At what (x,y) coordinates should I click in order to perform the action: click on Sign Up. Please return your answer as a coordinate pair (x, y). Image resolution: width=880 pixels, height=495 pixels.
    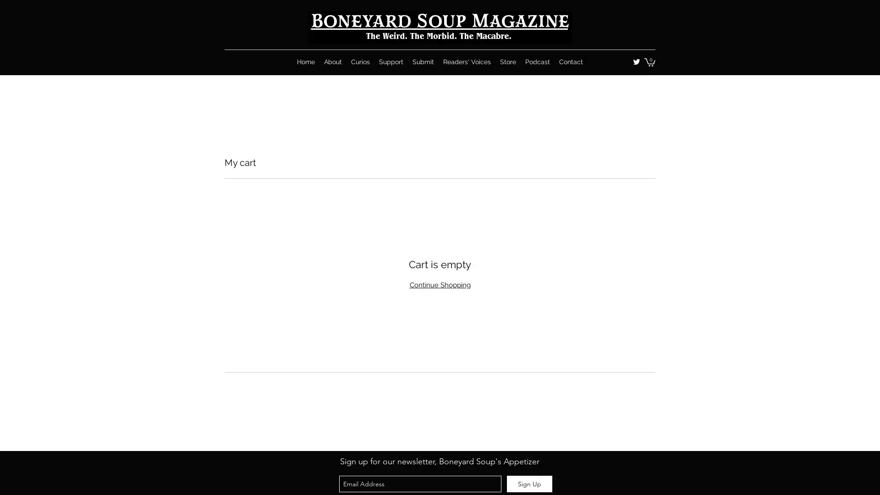
    Looking at the image, I should click on (529, 484).